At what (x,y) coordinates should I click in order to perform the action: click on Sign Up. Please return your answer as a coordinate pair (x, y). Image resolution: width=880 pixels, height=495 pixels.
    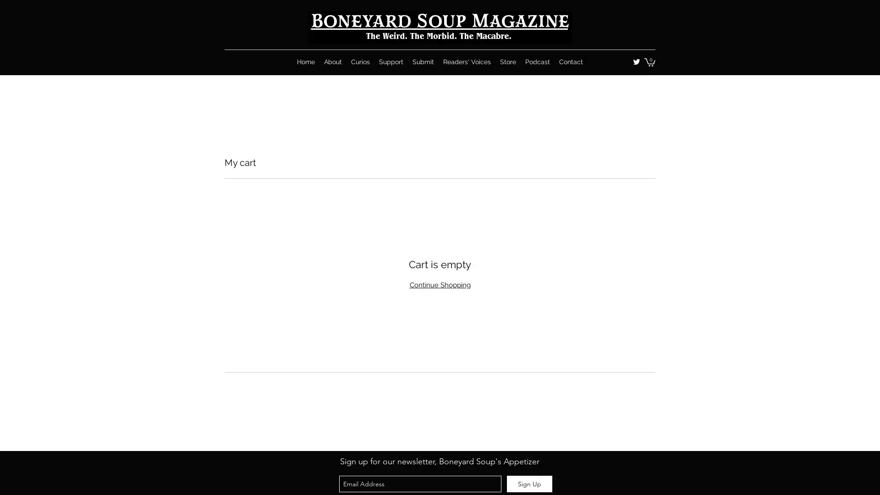
    Looking at the image, I should click on (529, 484).